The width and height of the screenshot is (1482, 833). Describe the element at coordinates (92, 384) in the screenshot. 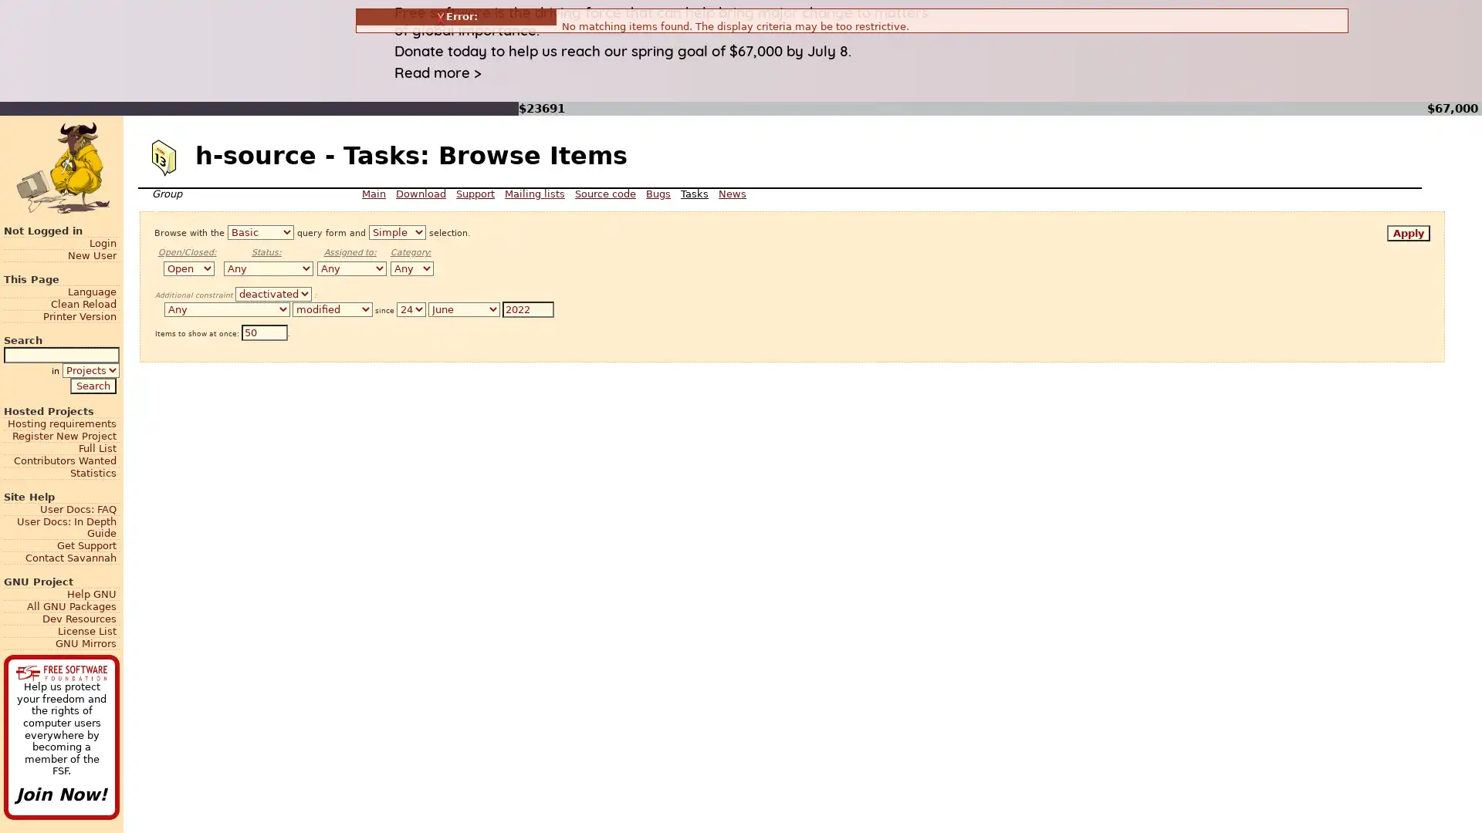

I see `Search` at that location.